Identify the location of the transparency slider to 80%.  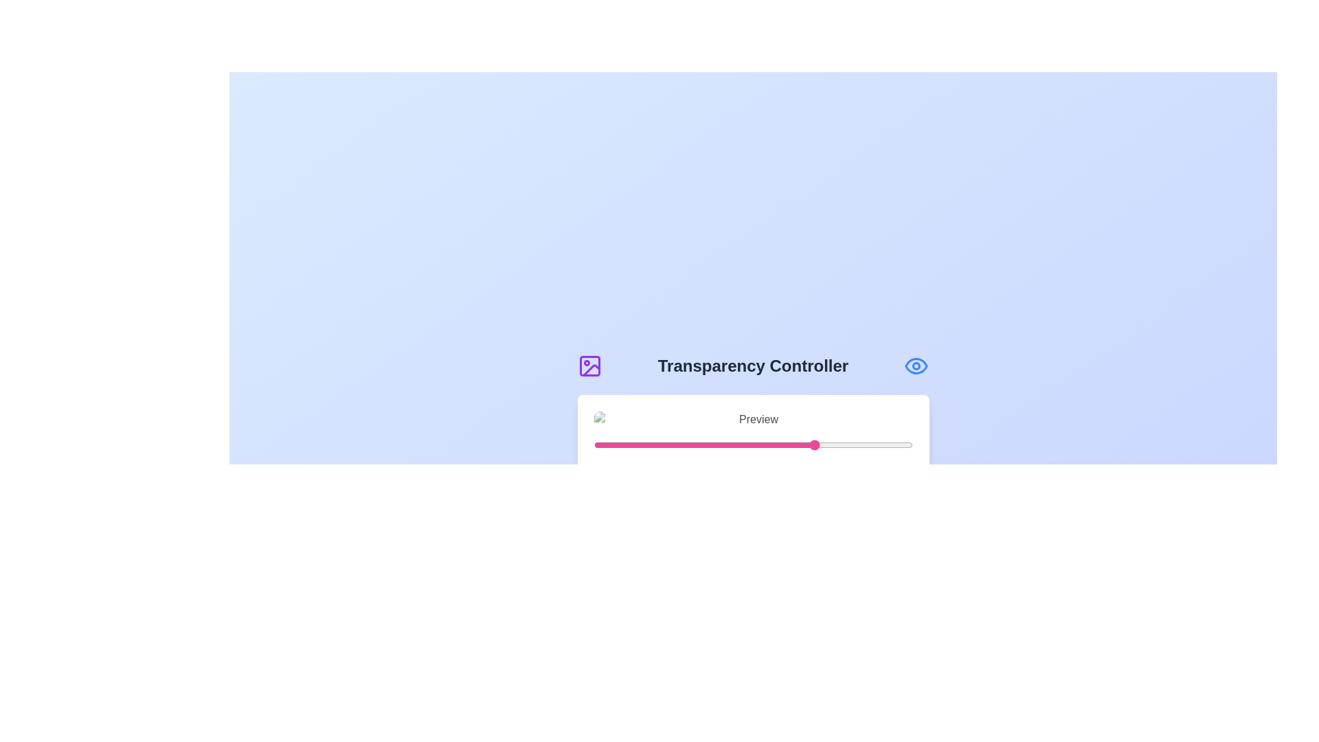
(848, 445).